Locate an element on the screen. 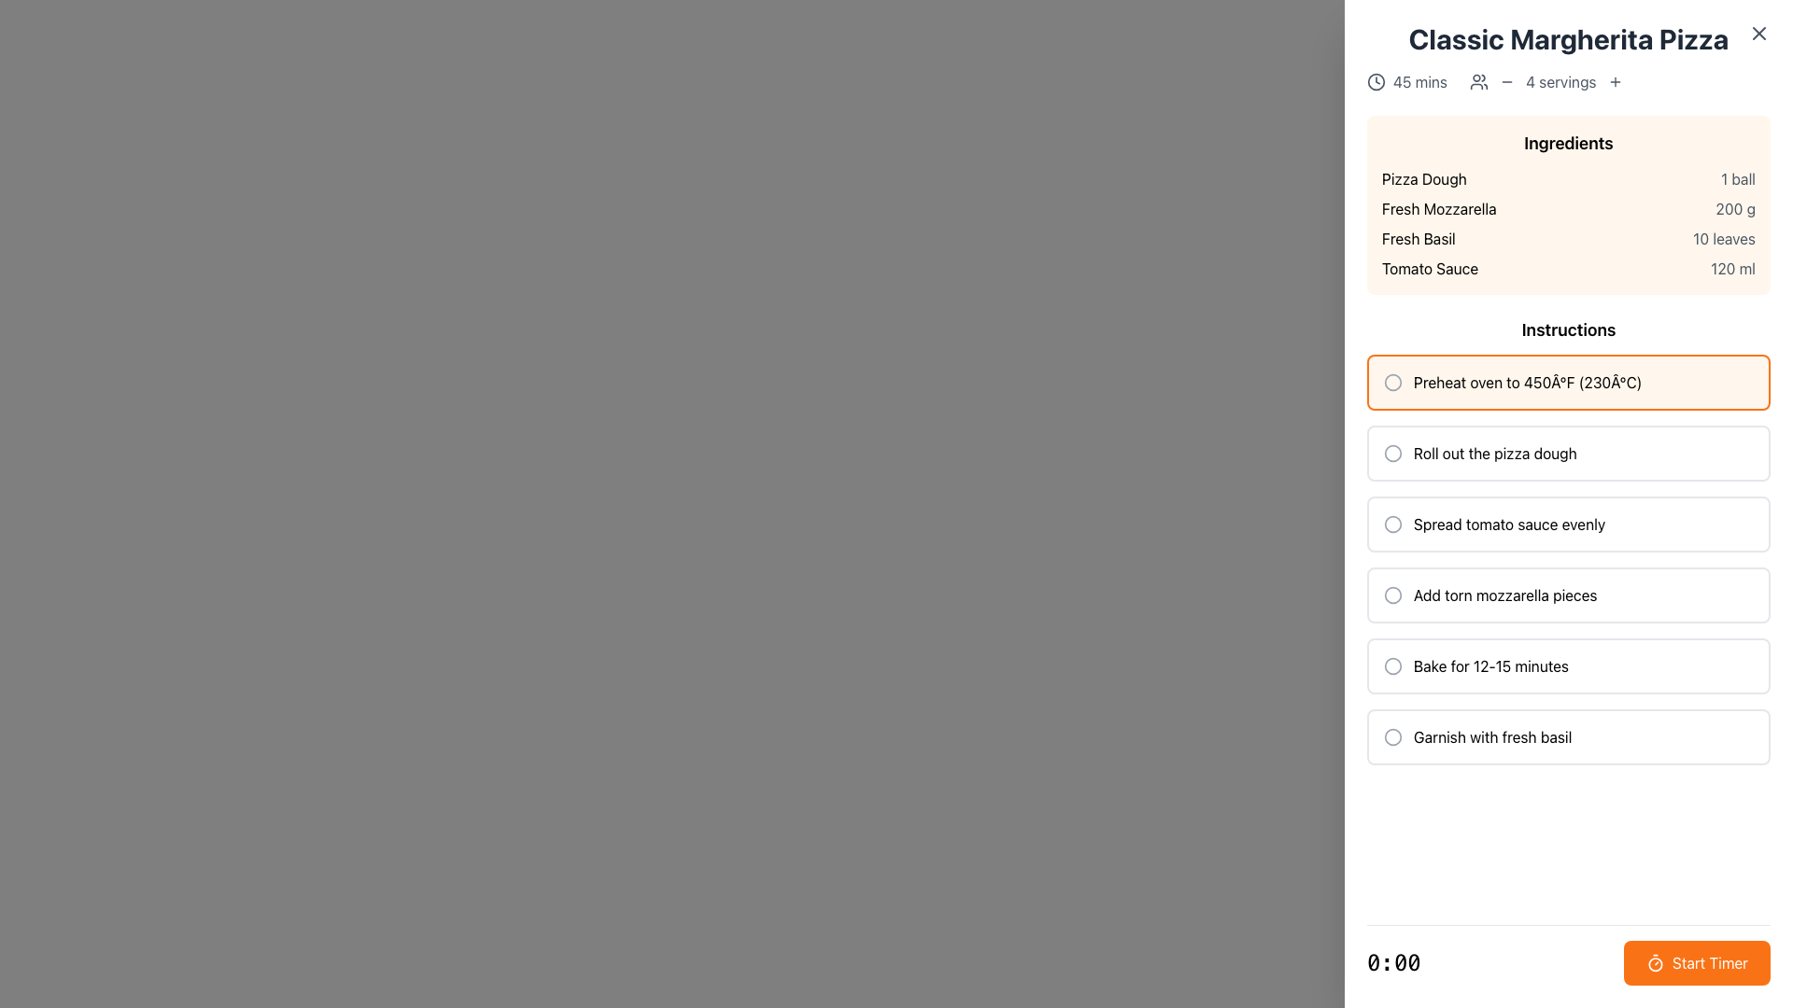 The width and height of the screenshot is (1793, 1008). the status indicator icon that signifies the current step in the instruction list for 'Spread tomato sauce evenly' is located at coordinates (1393, 525).